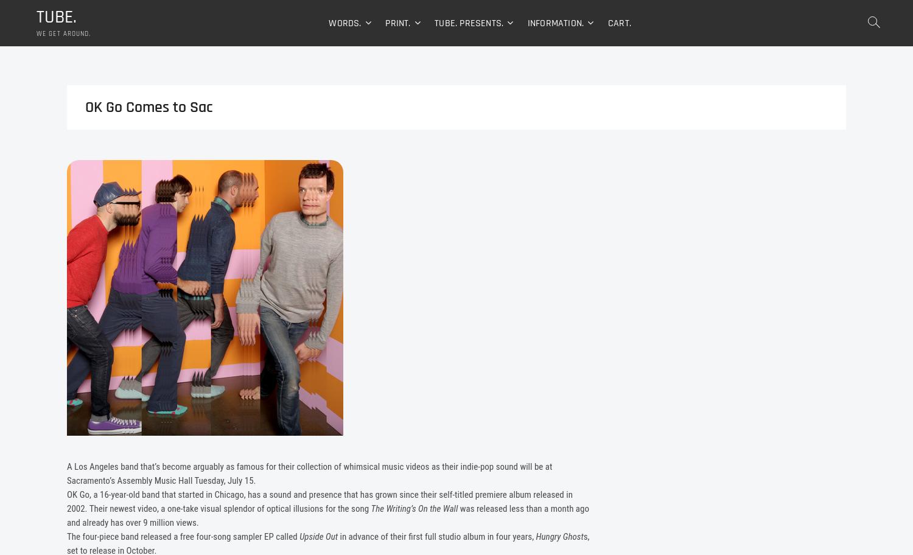 This screenshot has width=913, height=555. What do you see at coordinates (606, 24) in the screenshot?
I see `'Cart.'` at bounding box center [606, 24].